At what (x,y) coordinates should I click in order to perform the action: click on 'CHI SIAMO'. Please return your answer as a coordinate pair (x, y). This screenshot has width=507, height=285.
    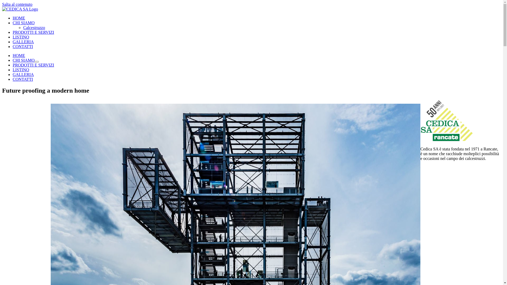
    Looking at the image, I should click on (23, 60).